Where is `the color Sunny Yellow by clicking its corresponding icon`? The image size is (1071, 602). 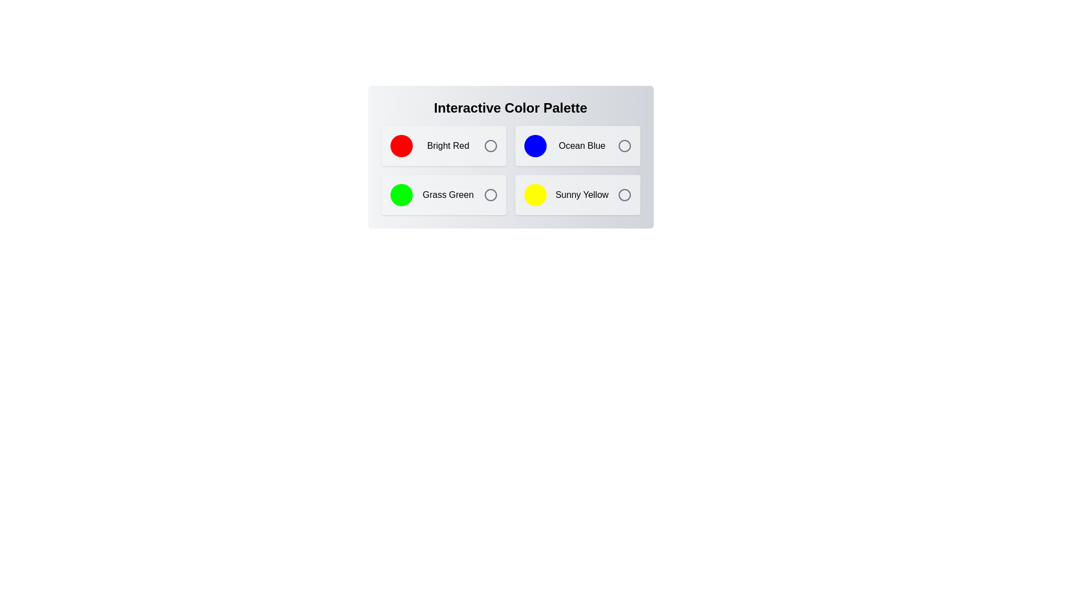 the color Sunny Yellow by clicking its corresponding icon is located at coordinates (624, 195).